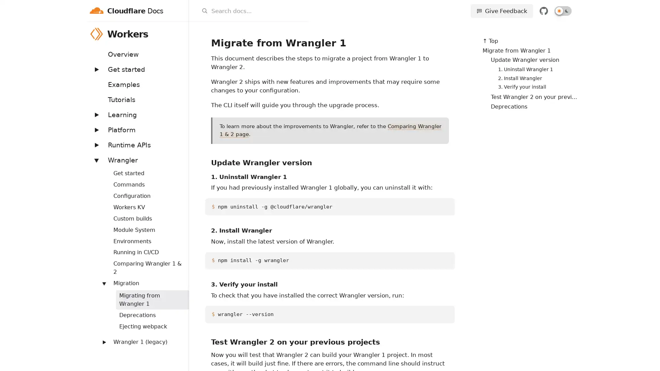  Describe the element at coordinates (96, 160) in the screenshot. I see `Expand: Wrangler` at that location.